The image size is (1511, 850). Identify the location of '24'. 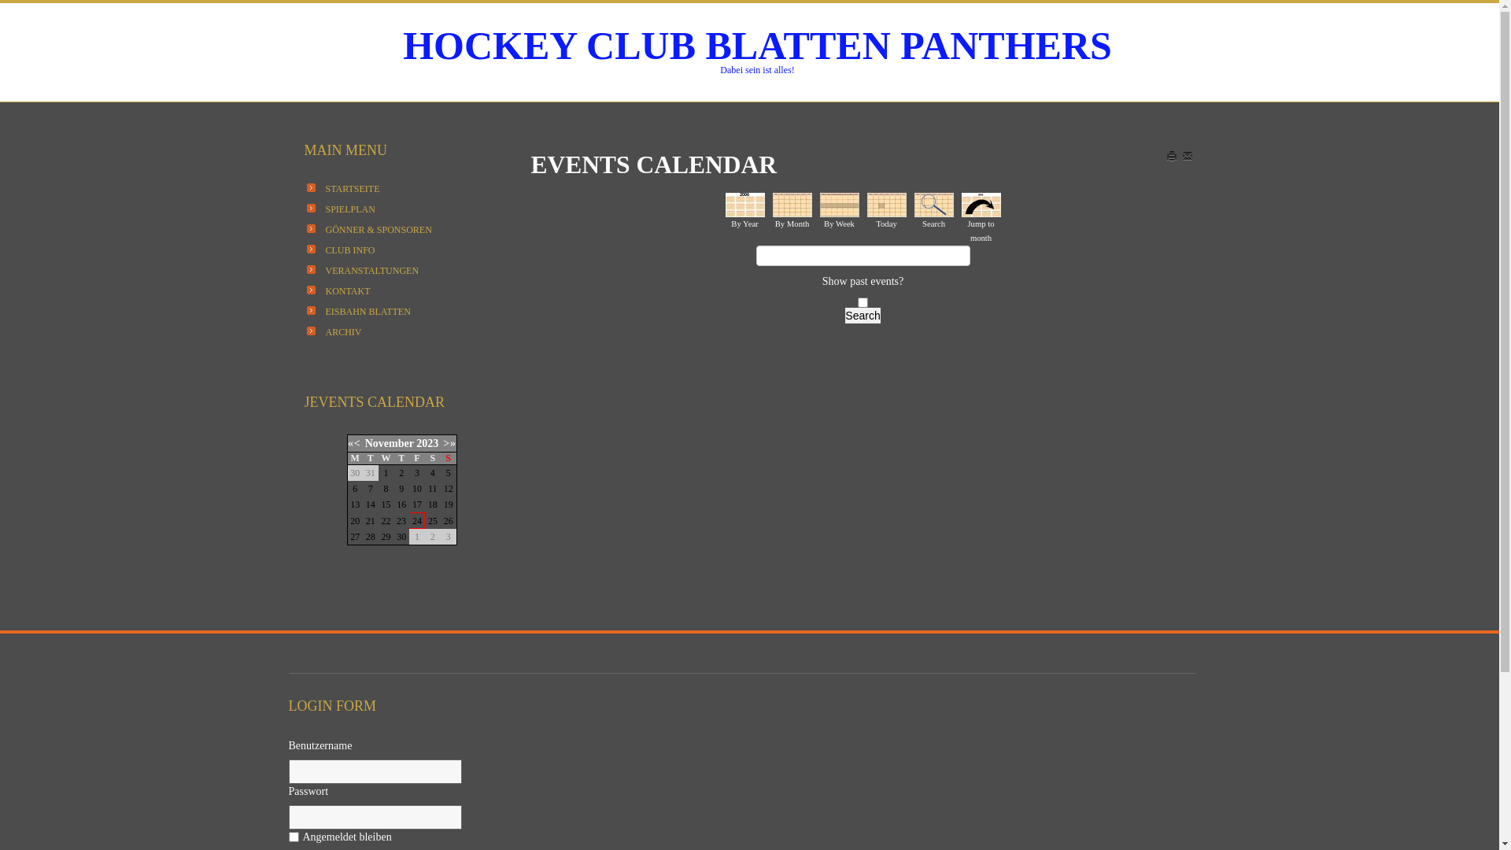
(416, 519).